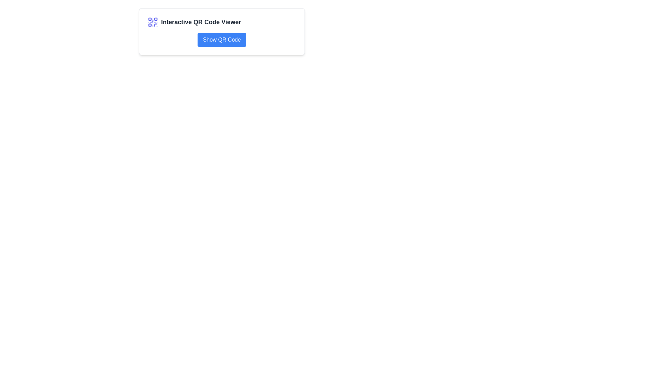  What do you see at coordinates (222, 40) in the screenshot?
I see `the button with the blue background and white text that reads 'Show QR Code'` at bounding box center [222, 40].